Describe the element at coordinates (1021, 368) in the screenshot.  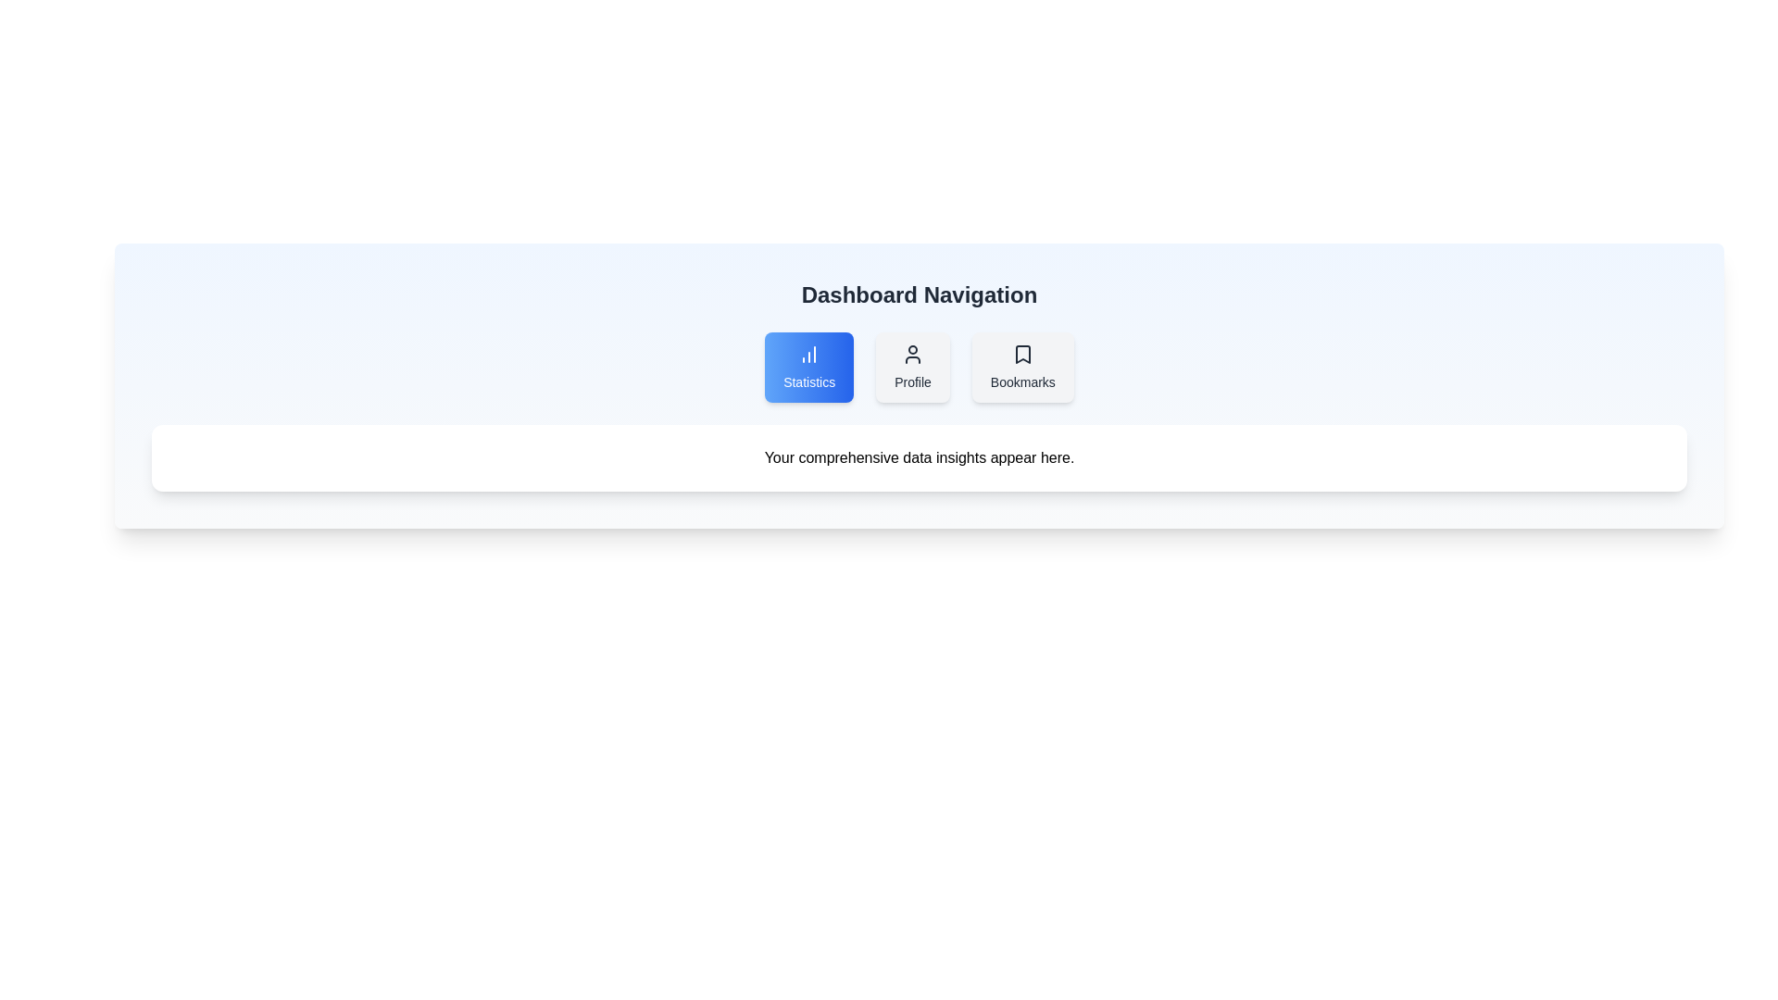
I see `the 'Bookmarks' button, which is a rectangular button with rounded edges, light gray background, dark gray text label, and a bookmark icon above the text` at that location.